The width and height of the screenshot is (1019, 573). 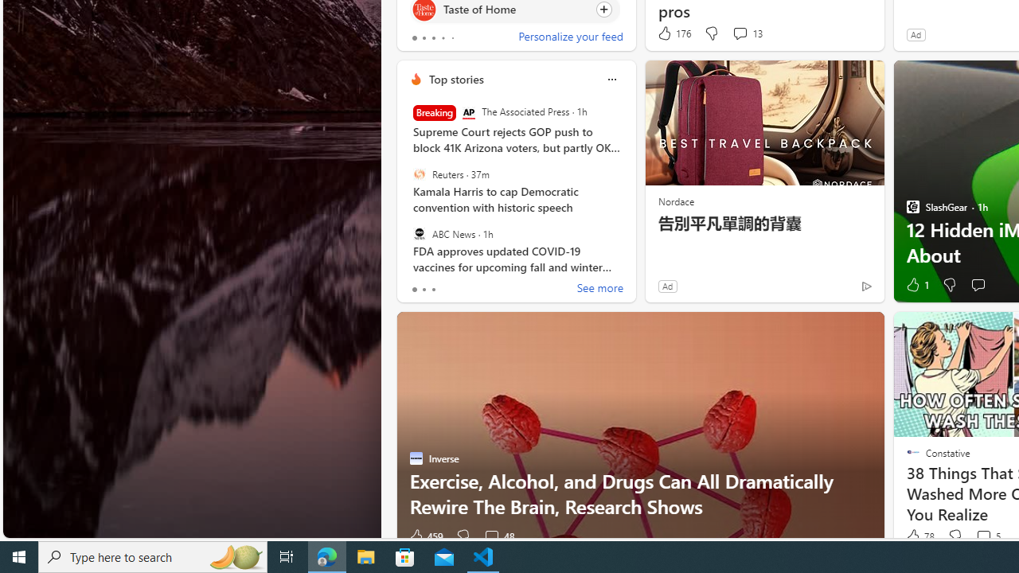 I want to click on '459 Like', so click(x=425, y=536).